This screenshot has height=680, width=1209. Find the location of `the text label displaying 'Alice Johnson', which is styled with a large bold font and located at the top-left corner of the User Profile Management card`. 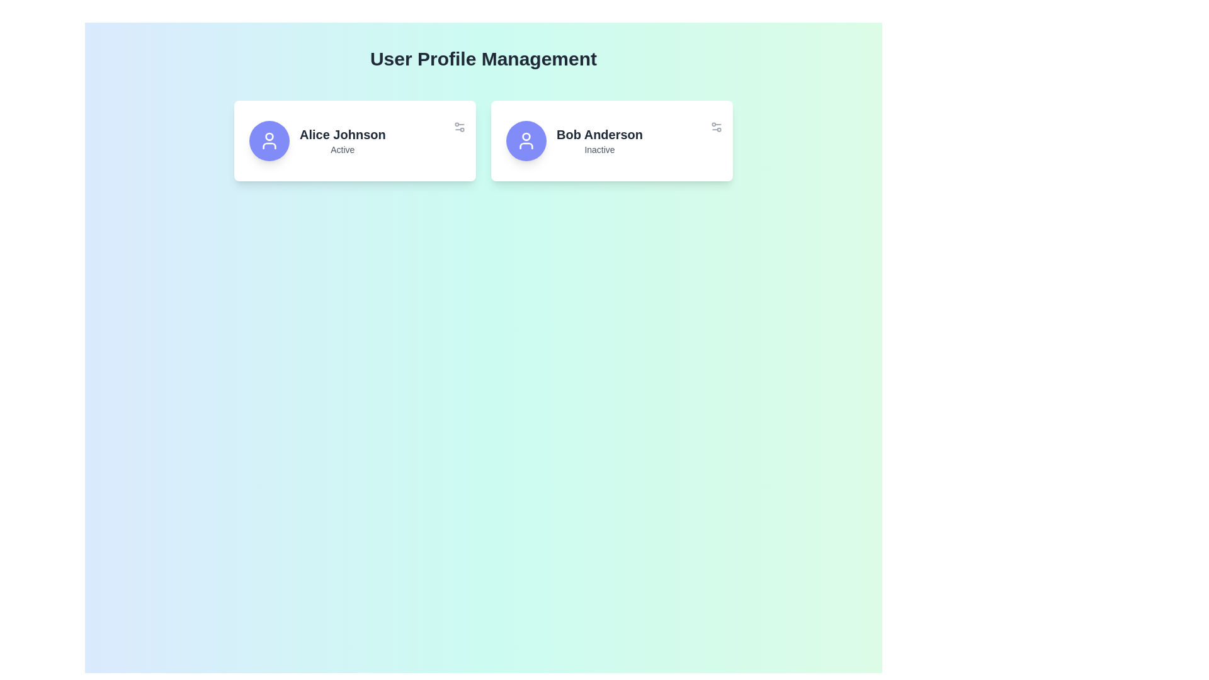

the text label displaying 'Alice Johnson', which is styled with a large bold font and located at the top-left corner of the User Profile Management card is located at coordinates (343, 134).